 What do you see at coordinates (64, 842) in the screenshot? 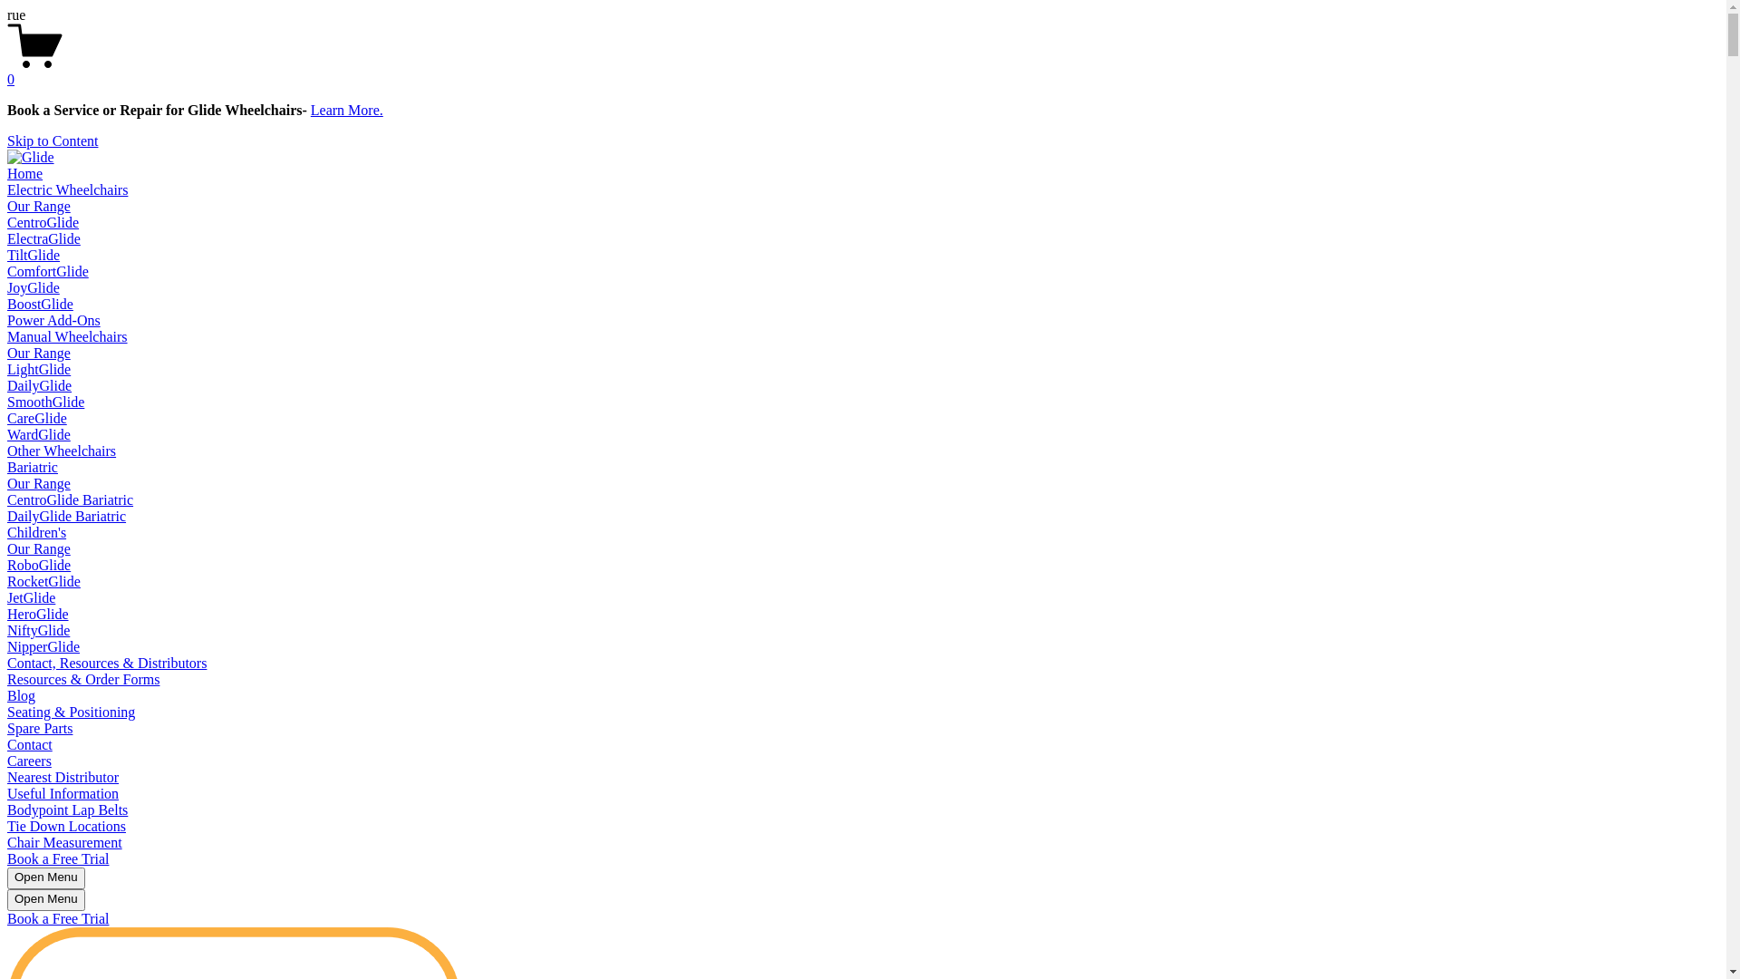
I see `'Chair Measurement'` at bounding box center [64, 842].